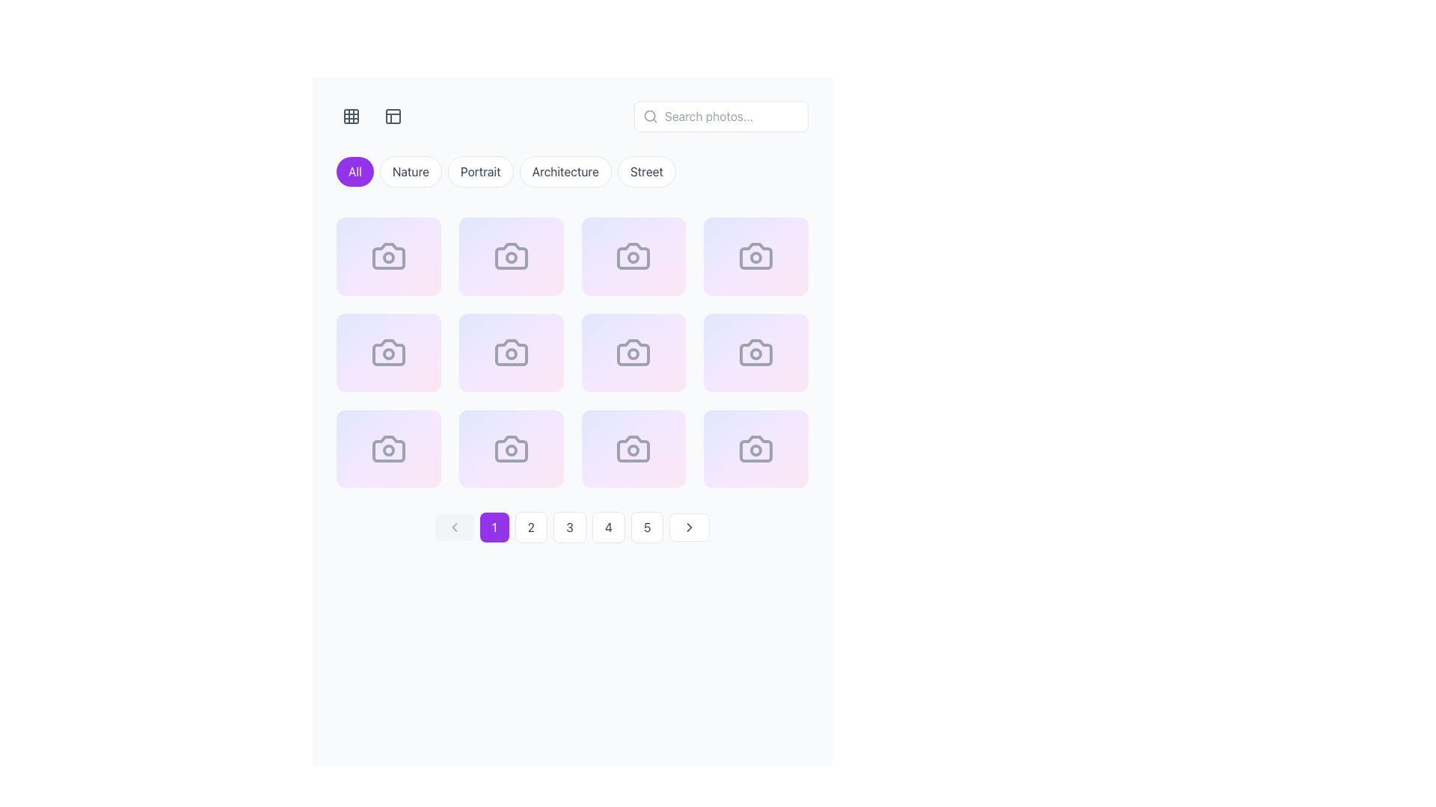 Image resolution: width=1436 pixels, height=807 pixels. What do you see at coordinates (361, 463) in the screenshot?
I see `the heart icon element` at bounding box center [361, 463].